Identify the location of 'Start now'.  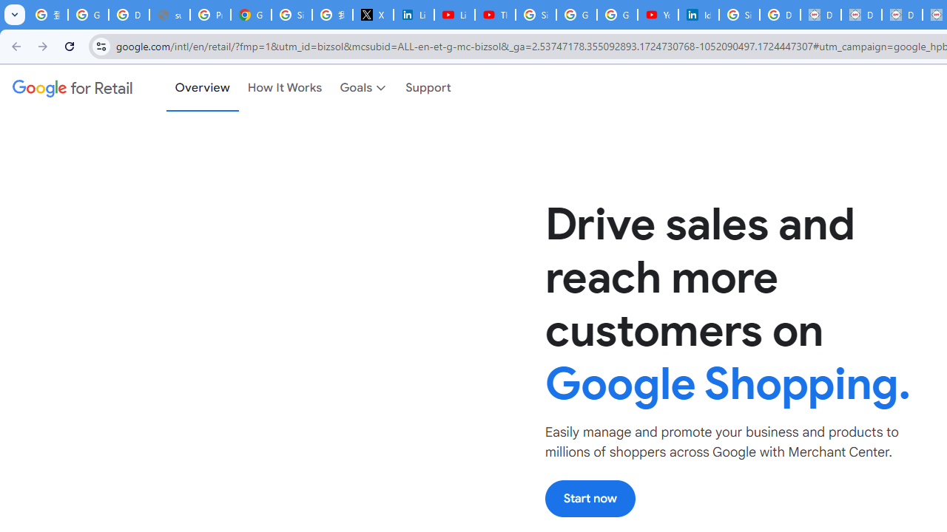
(589, 498).